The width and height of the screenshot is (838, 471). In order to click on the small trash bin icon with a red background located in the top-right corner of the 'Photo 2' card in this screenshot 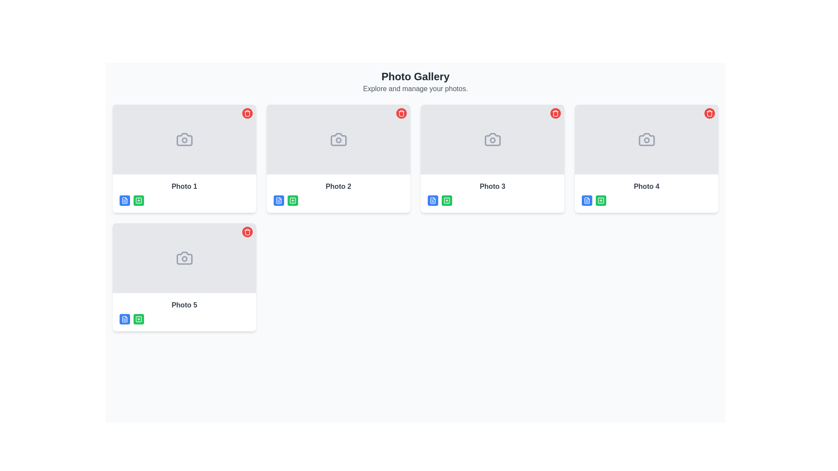, I will do `click(401, 113)`.